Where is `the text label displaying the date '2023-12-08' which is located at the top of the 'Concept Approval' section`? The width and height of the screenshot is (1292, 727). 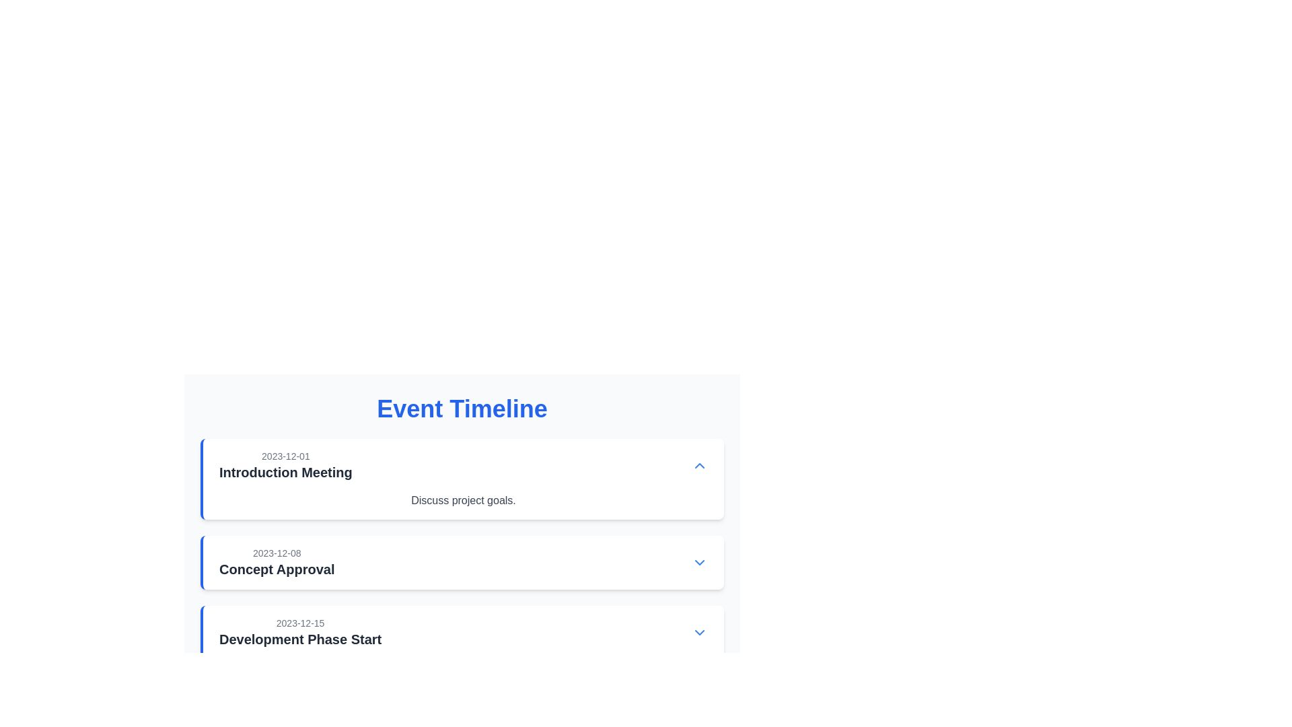 the text label displaying the date '2023-12-08' which is located at the top of the 'Concept Approval' section is located at coordinates (276, 553).